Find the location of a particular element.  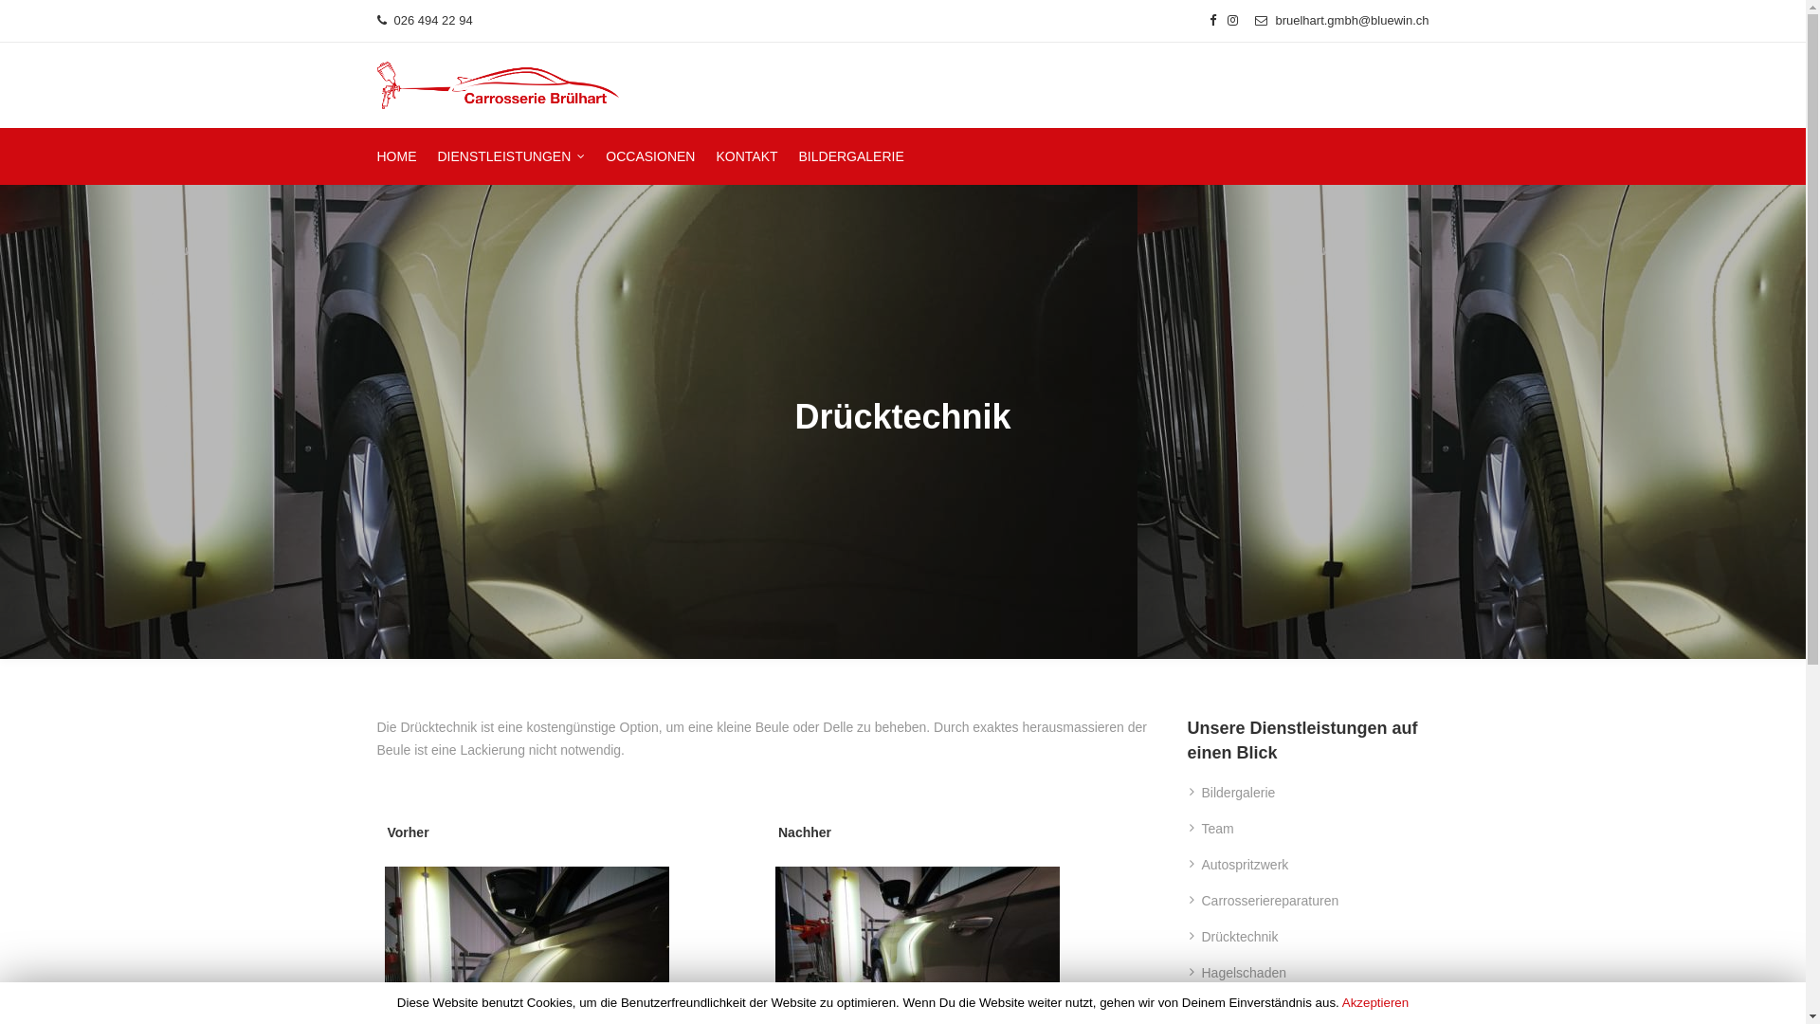

'BILDERGALERIE' is located at coordinates (850, 155).